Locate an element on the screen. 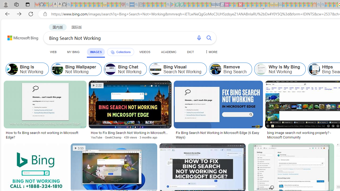 The image size is (340, 191). 'Https Bing Search' is located at coordinates (314, 69).